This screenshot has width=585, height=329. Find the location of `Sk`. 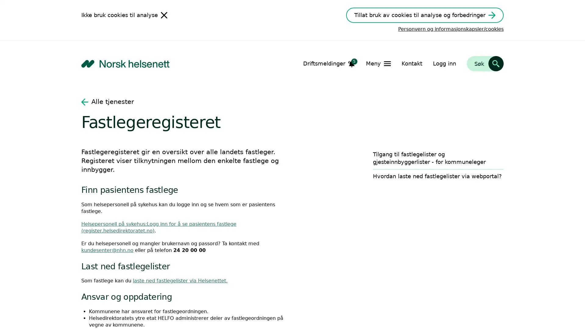

Sk is located at coordinates (496, 63).